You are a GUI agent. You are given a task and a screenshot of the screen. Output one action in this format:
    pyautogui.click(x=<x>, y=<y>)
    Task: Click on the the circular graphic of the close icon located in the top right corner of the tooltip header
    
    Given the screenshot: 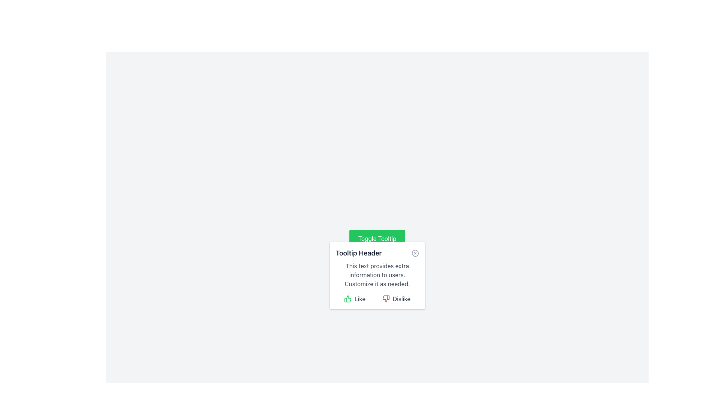 What is the action you would take?
    pyautogui.click(x=415, y=253)
    